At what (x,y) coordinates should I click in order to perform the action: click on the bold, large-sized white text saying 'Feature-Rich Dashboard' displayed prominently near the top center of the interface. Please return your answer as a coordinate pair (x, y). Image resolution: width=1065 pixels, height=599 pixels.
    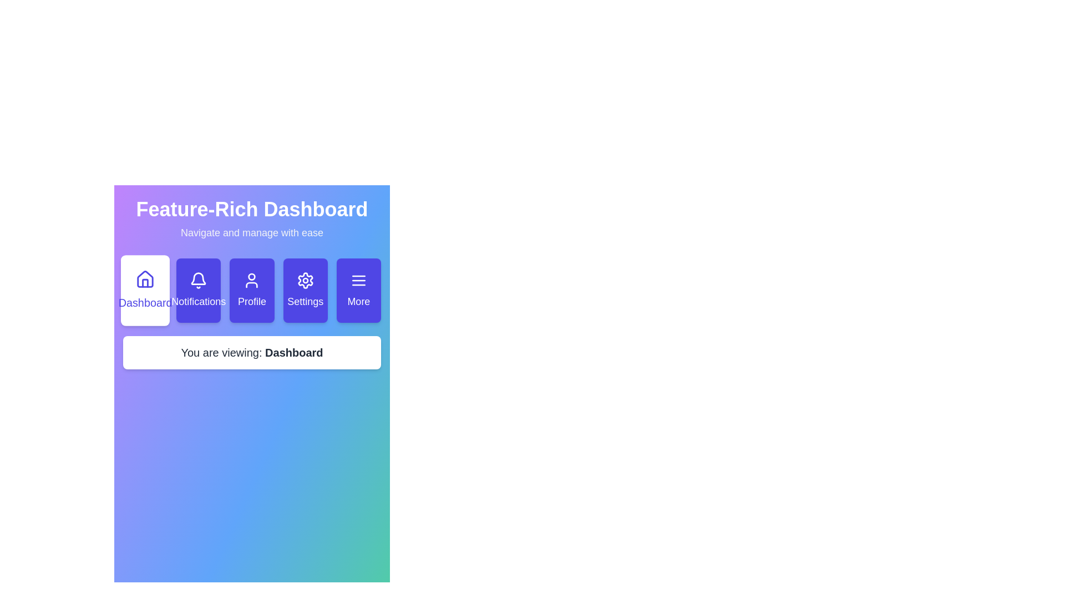
    Looking at the image, I should click on (251, 210).